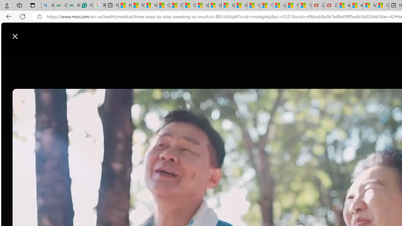 The image size is (402, 226). Describe the element at coordinates (382, 5) in the screenshot. I see `'Cloud Computing Services | Microsoft Azure'` at that location.